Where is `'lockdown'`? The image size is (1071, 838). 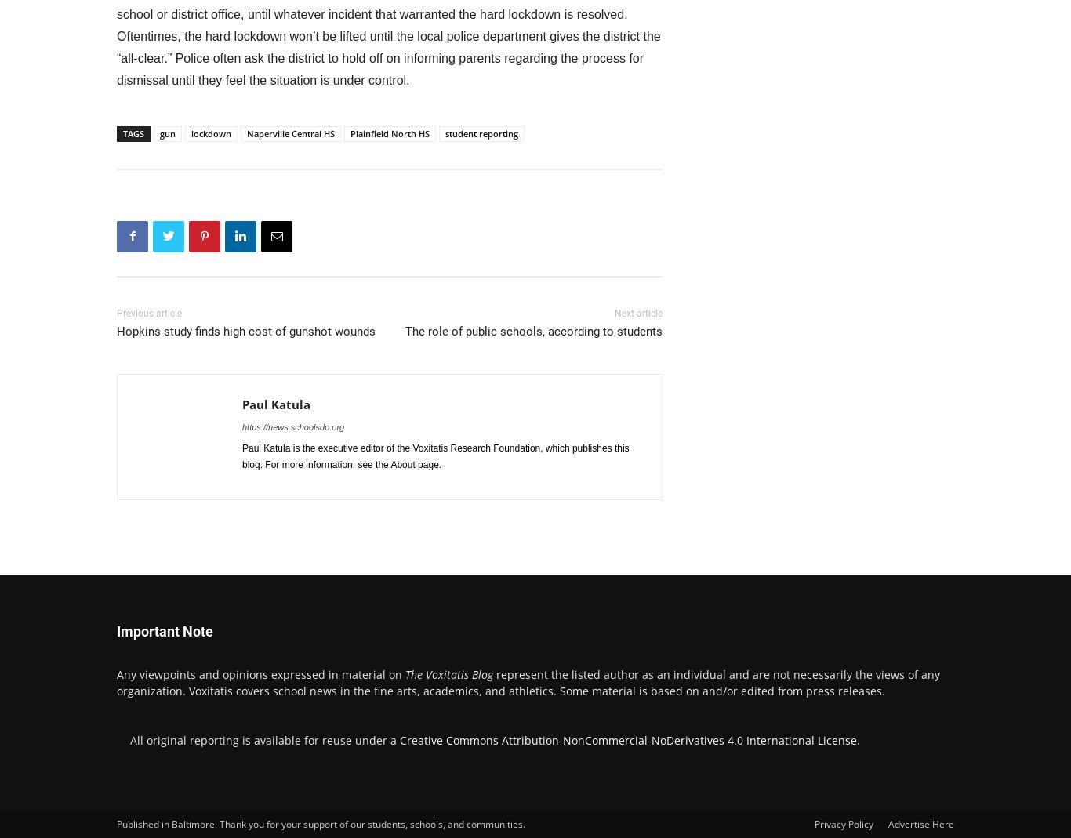
'lockdown' is located at coordinates (211, 132).